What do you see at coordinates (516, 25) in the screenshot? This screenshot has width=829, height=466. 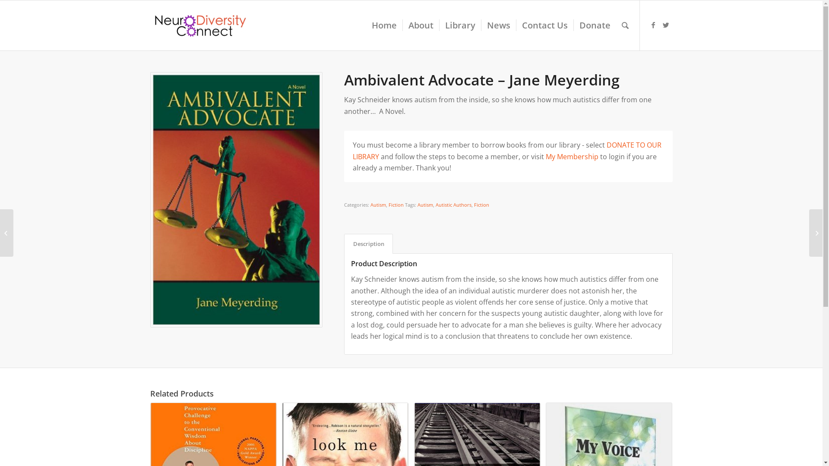 I see `'Contact Us'` at bounding box center [516, 25].